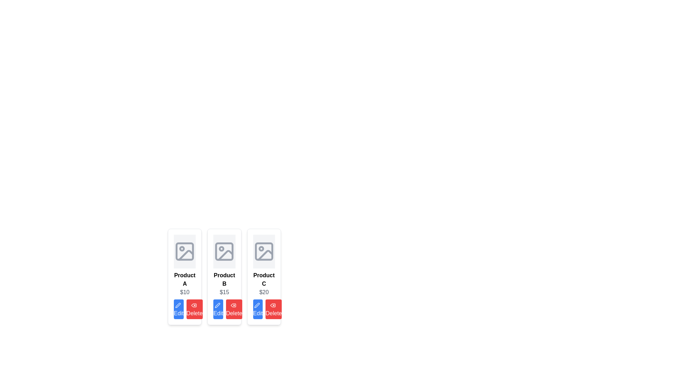 The width and height of the screenshot is (677, 380). I want to click on the graphic decoration or icon component located at the top-left quadrant of the image frame icon labeled 'Product B', so click(224, 251).